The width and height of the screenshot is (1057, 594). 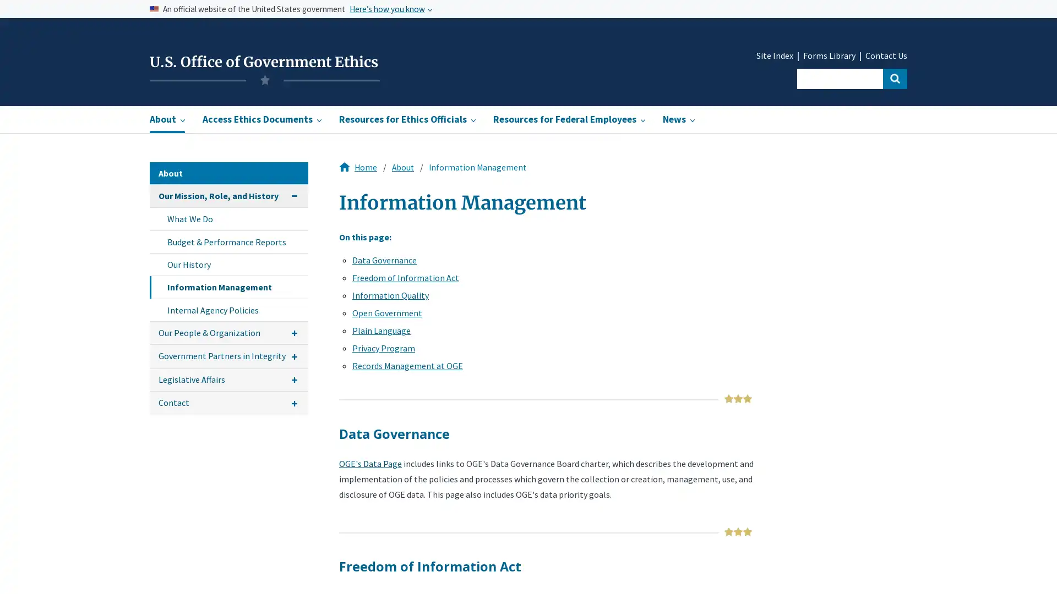 I want to click on Government Partners in Integrity, so click(x=228, y=356).